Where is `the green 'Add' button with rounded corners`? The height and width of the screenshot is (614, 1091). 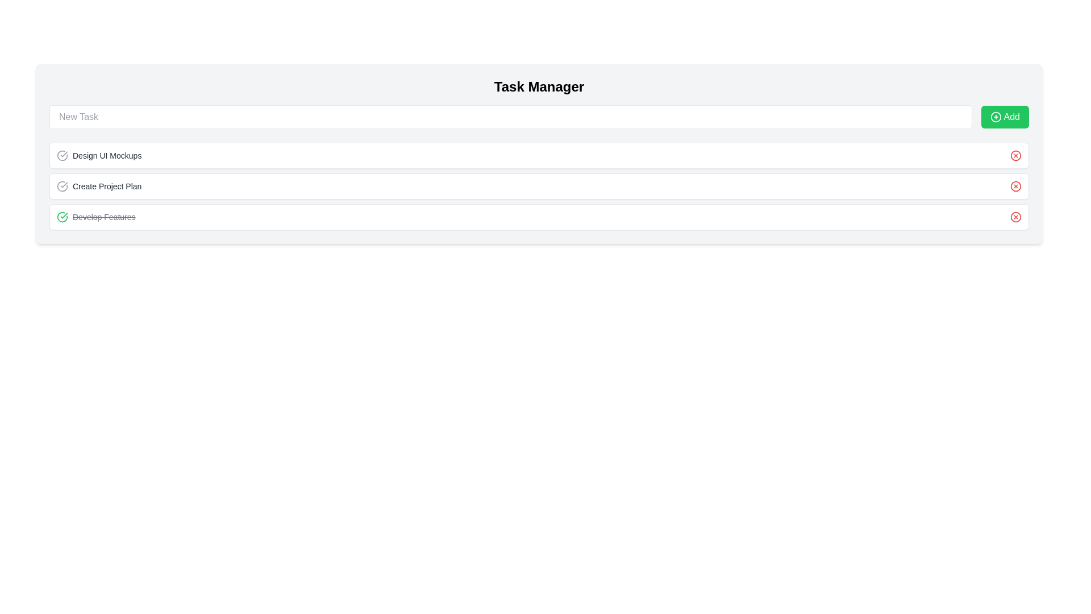 the green 'Add' button with rounded corners is located at coordinates (1005, 117).